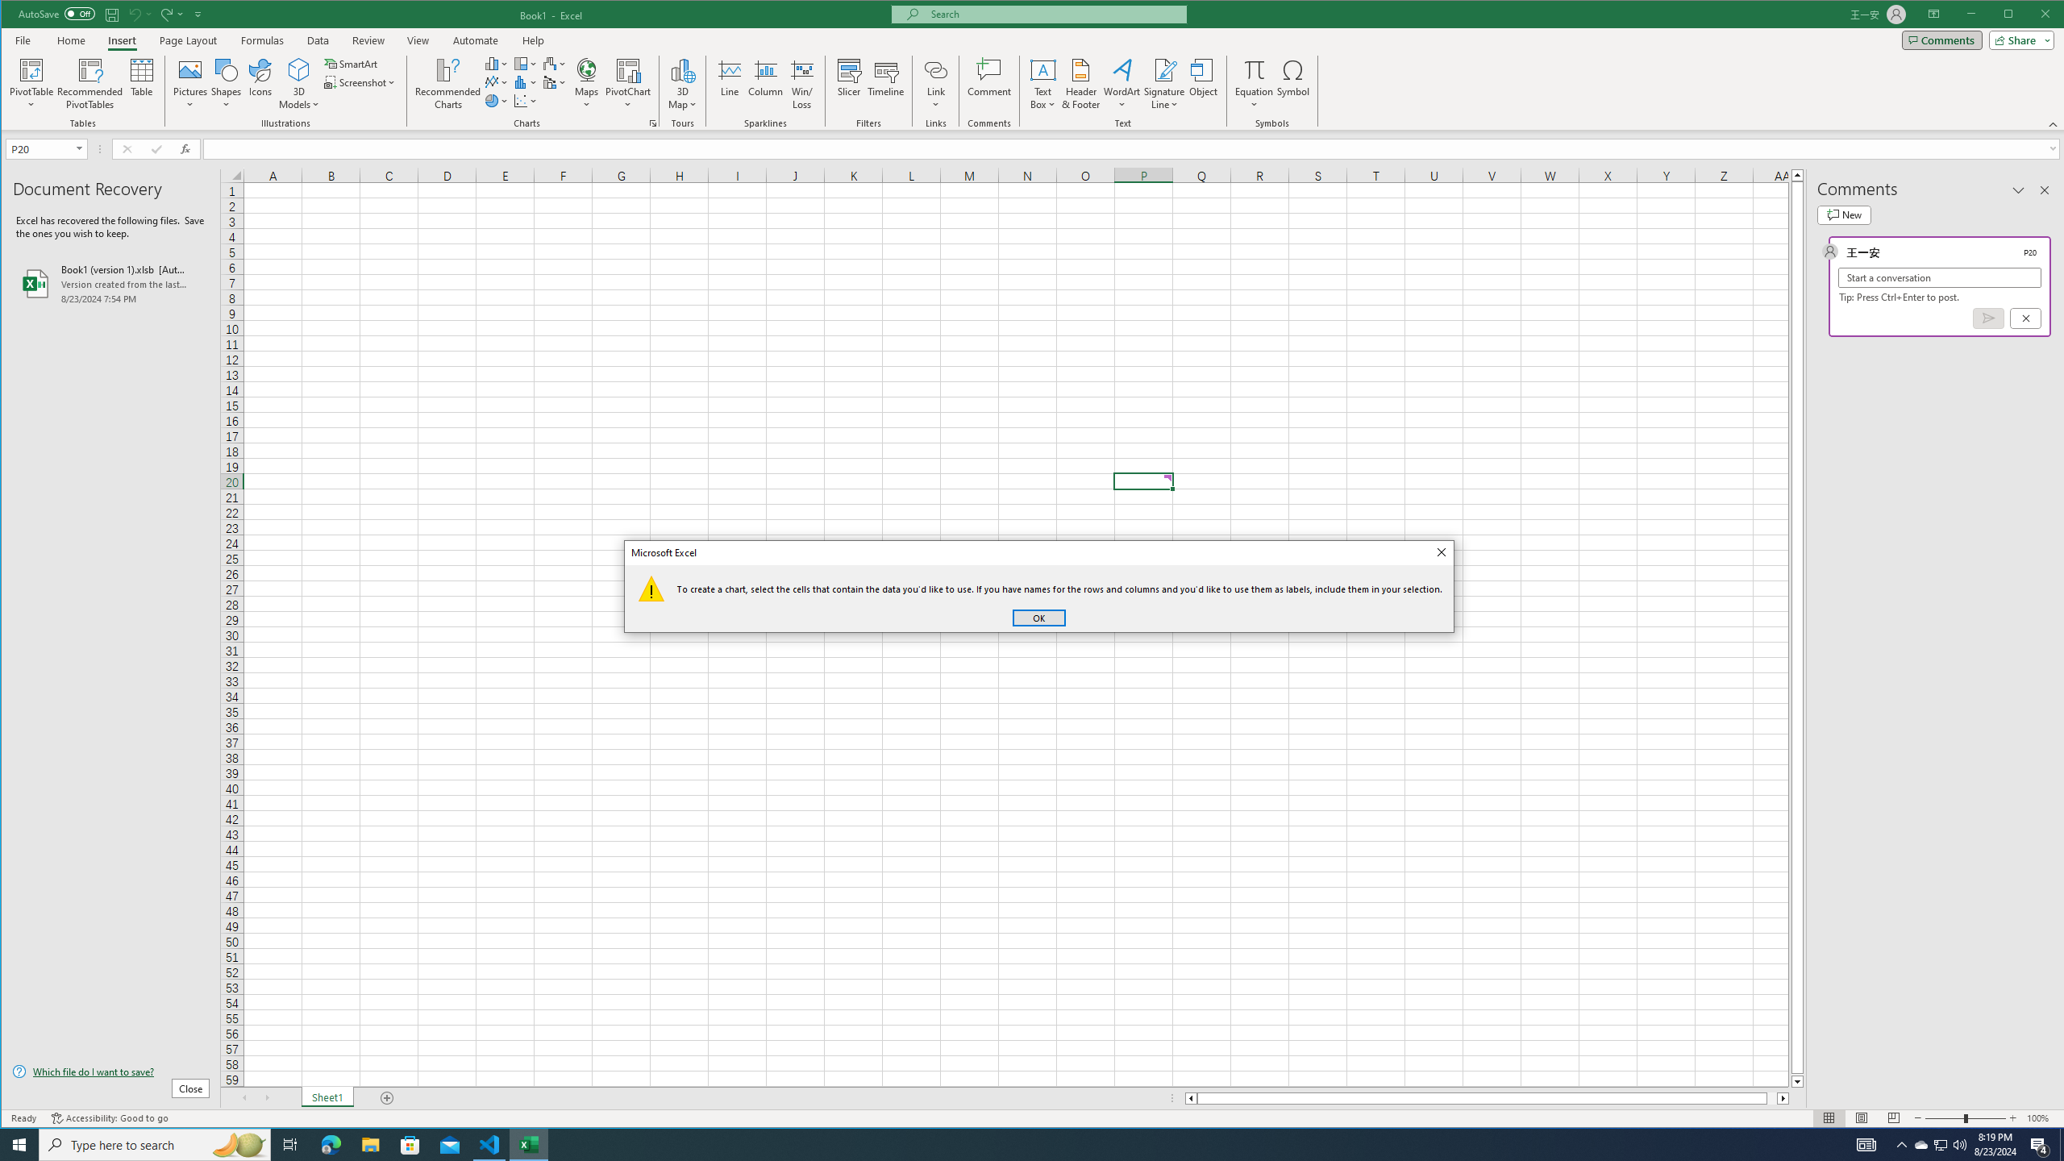 The image size is (2064, 1161). What do you see at coordinates (765, 83) in the screenshot?
I see `'Column'` at bounding box center [765, 83].